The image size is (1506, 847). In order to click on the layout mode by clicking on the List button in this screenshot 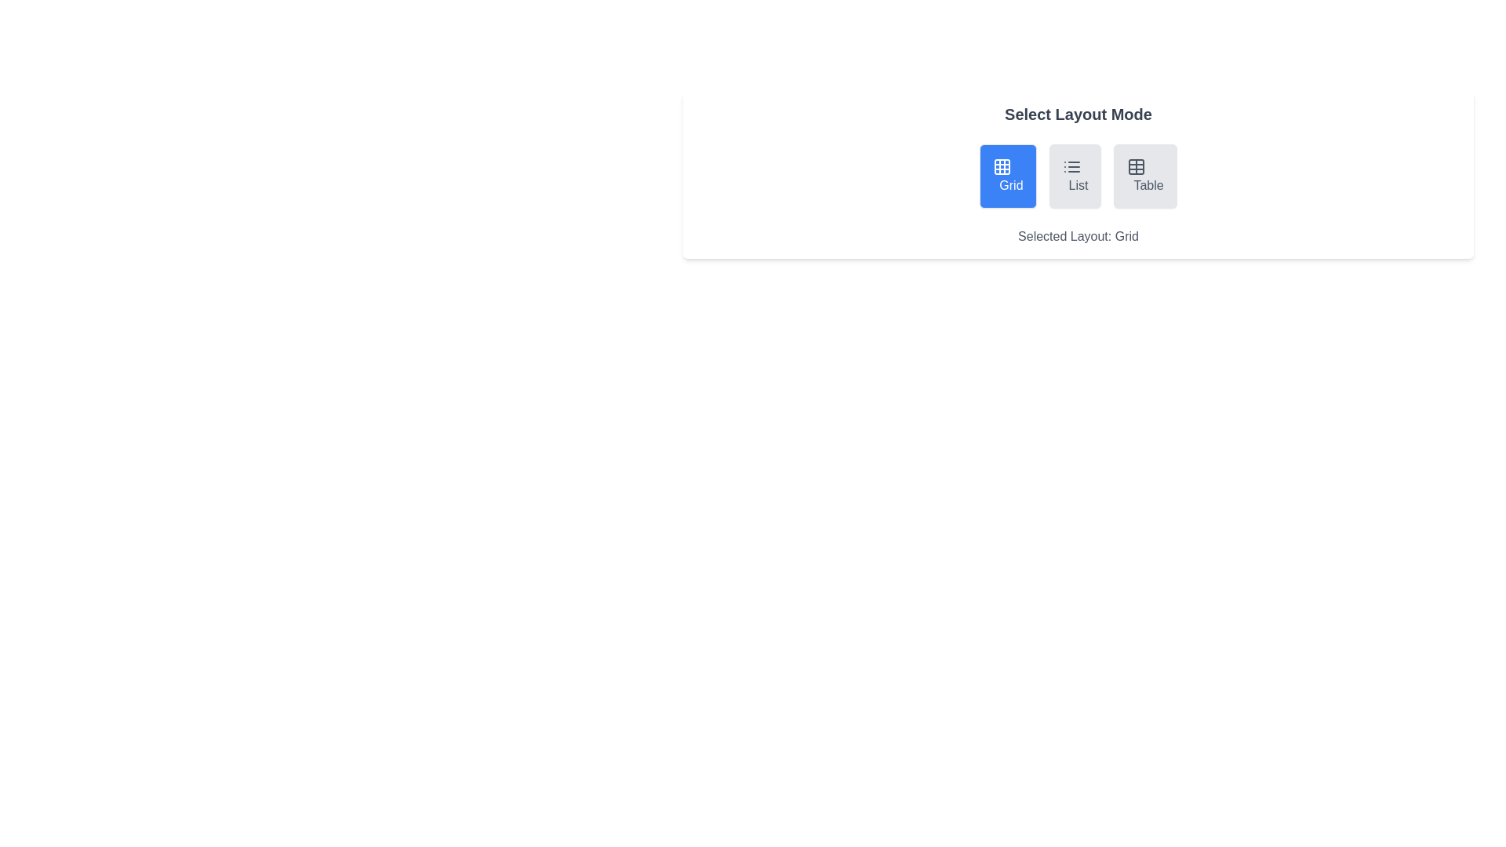, I will do `click(1073, 176)`.